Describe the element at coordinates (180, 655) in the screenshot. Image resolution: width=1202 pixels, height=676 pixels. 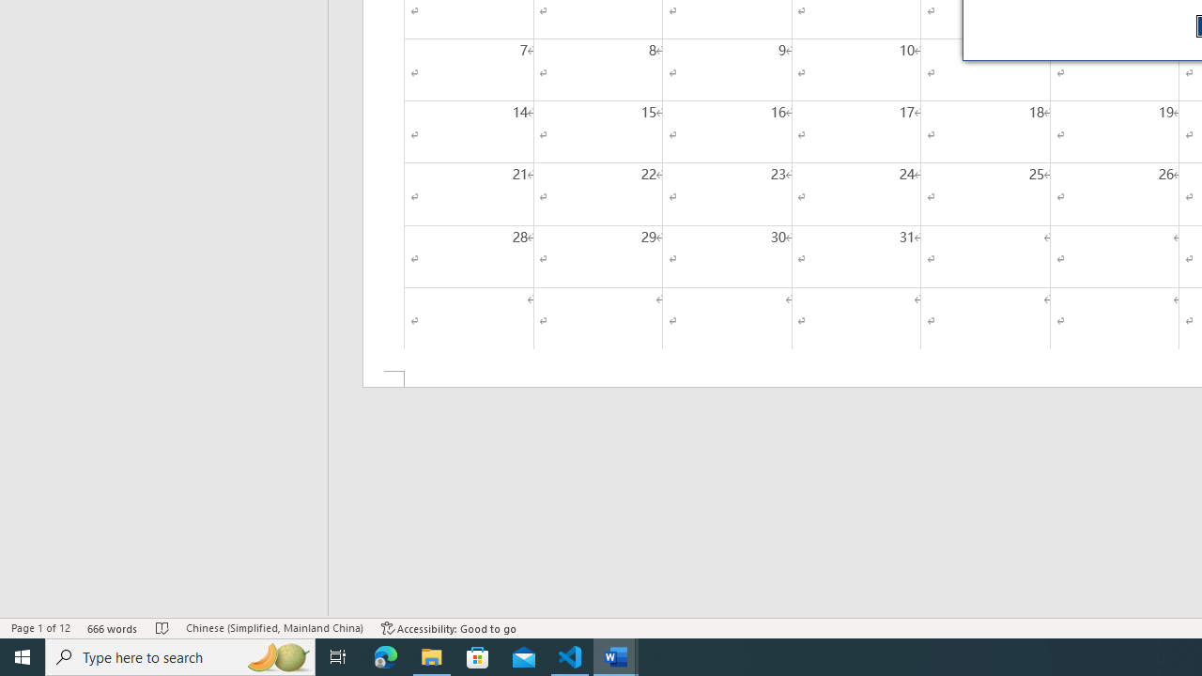
I see `'Type here to search'` at that location.